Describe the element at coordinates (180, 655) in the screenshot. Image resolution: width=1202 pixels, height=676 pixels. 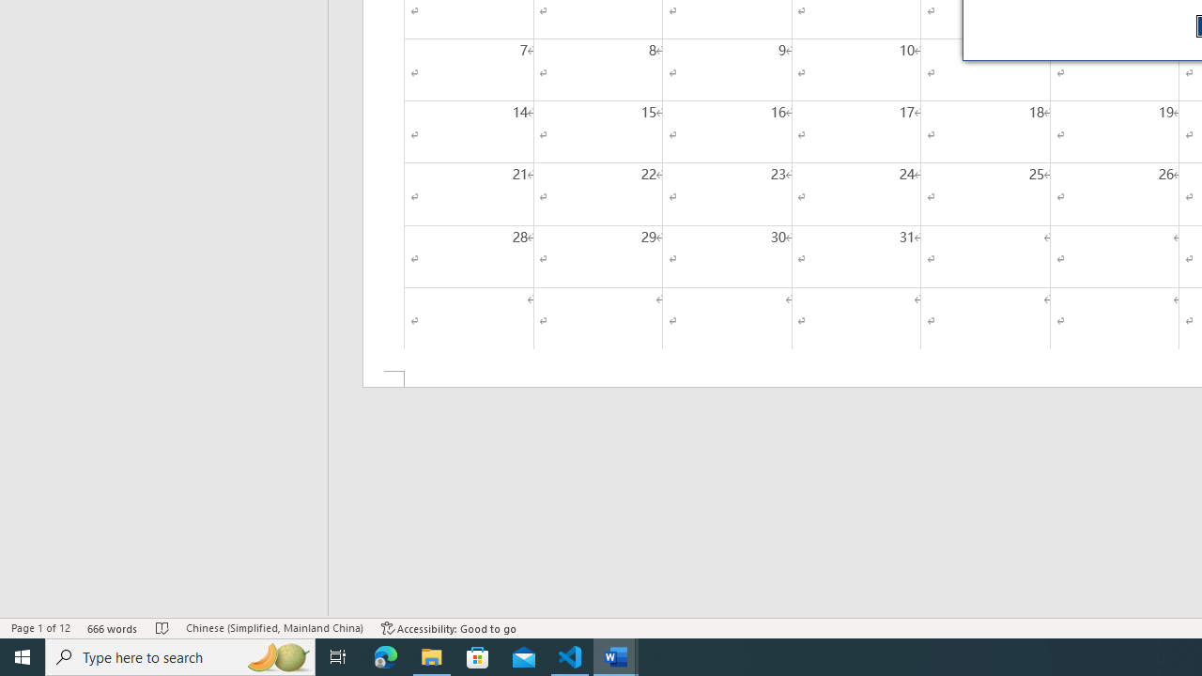
I see `'Type here to search'` at that location.